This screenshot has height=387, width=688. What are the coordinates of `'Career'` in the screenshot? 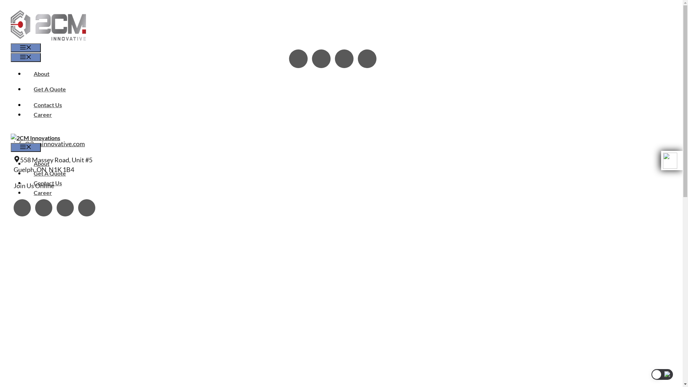 It's located at (42, 192).